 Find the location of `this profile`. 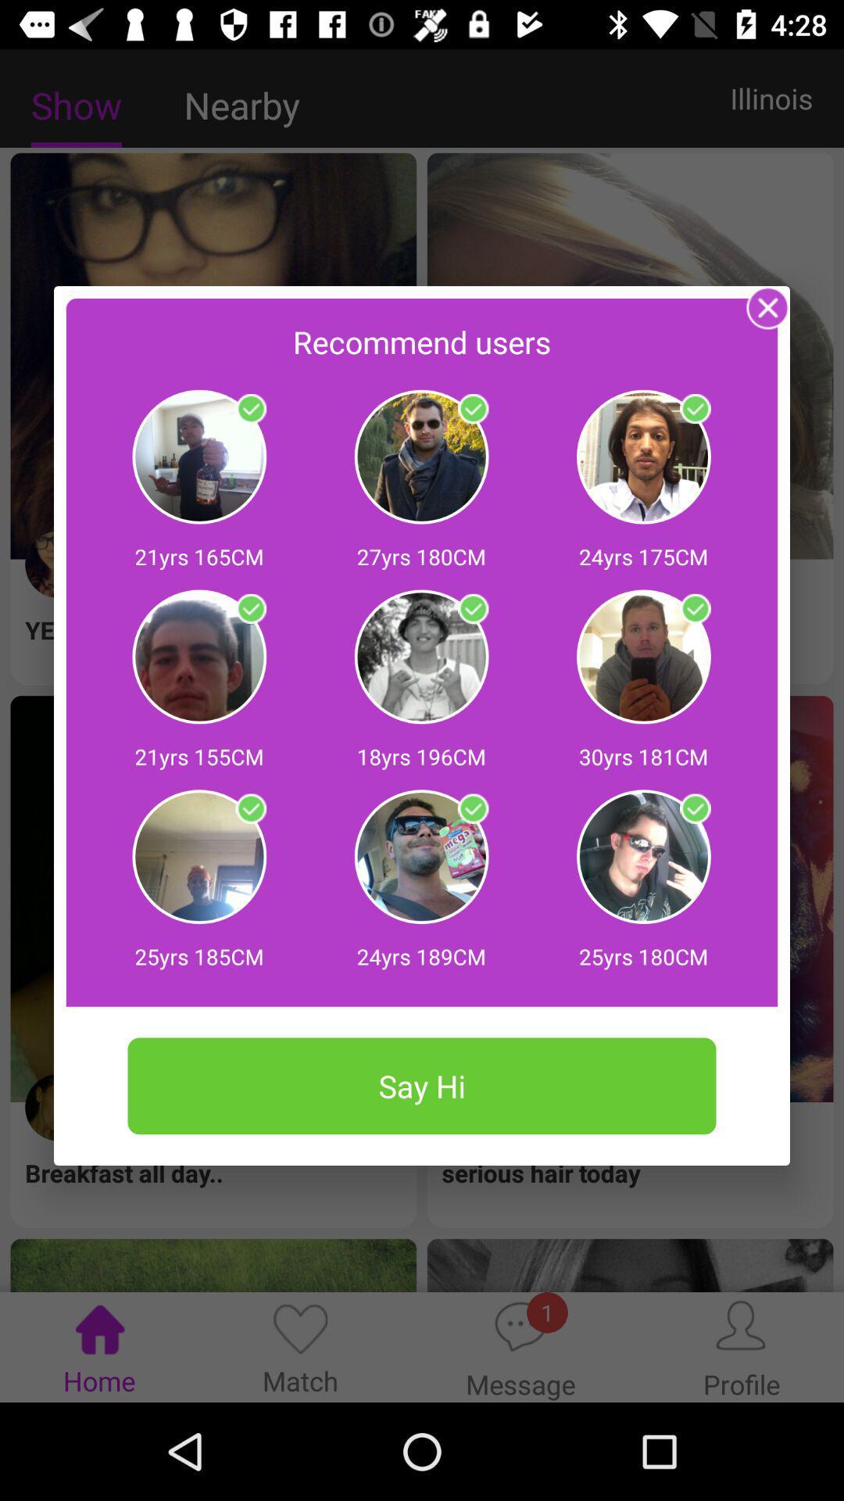

this profile is located at coordinates (250, 809).